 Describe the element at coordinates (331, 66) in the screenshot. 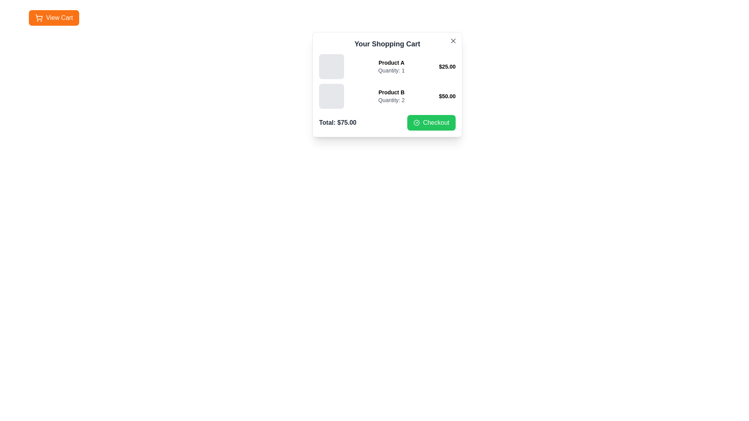

I see `the gray square Thumbnail placeholder with rounded corners, positioned to the left of 'Product A' in the shopping cart interface` at that location.